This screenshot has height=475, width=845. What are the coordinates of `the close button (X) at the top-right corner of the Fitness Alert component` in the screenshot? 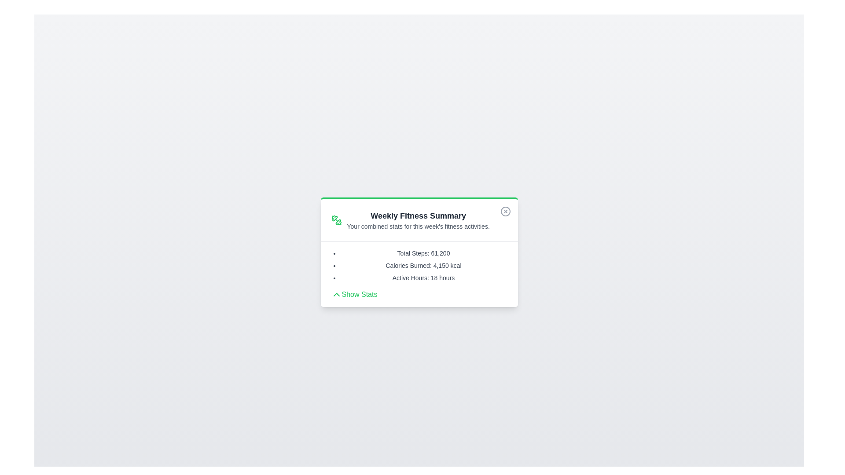 It's located at (505, 211).